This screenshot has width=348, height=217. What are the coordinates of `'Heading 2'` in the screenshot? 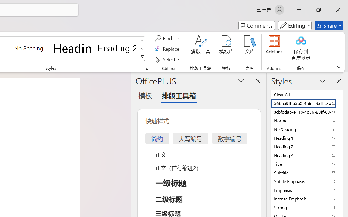 It's located at (117, 48).